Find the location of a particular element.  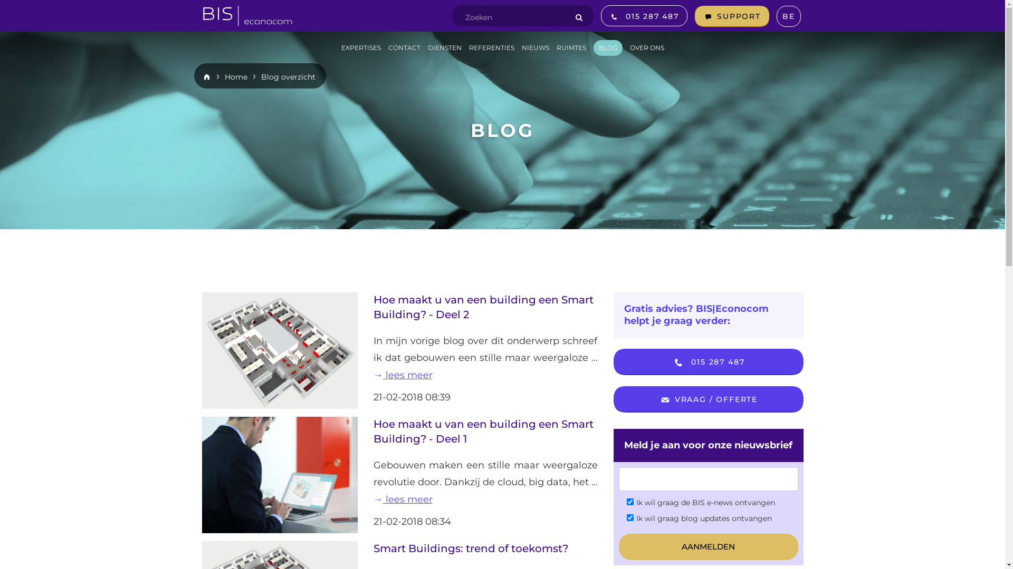

'BIS homepage' is located at coordinates (247, 12).